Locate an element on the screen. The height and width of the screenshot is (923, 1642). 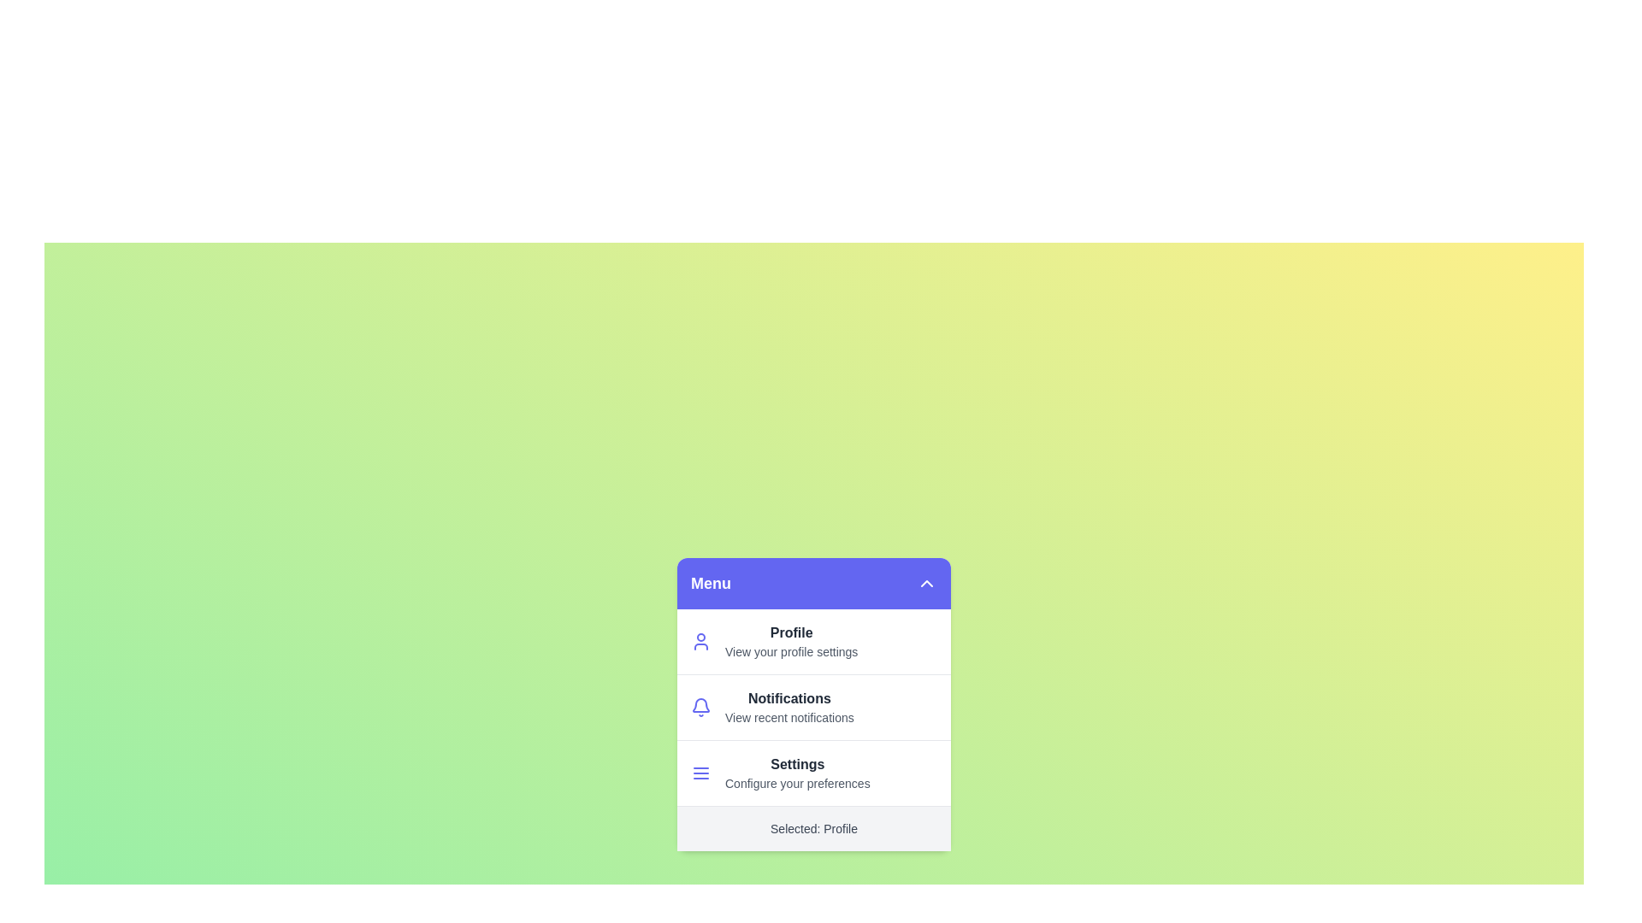
the header arrow button to toggle the menu's state is located at coordinates (926, 582).